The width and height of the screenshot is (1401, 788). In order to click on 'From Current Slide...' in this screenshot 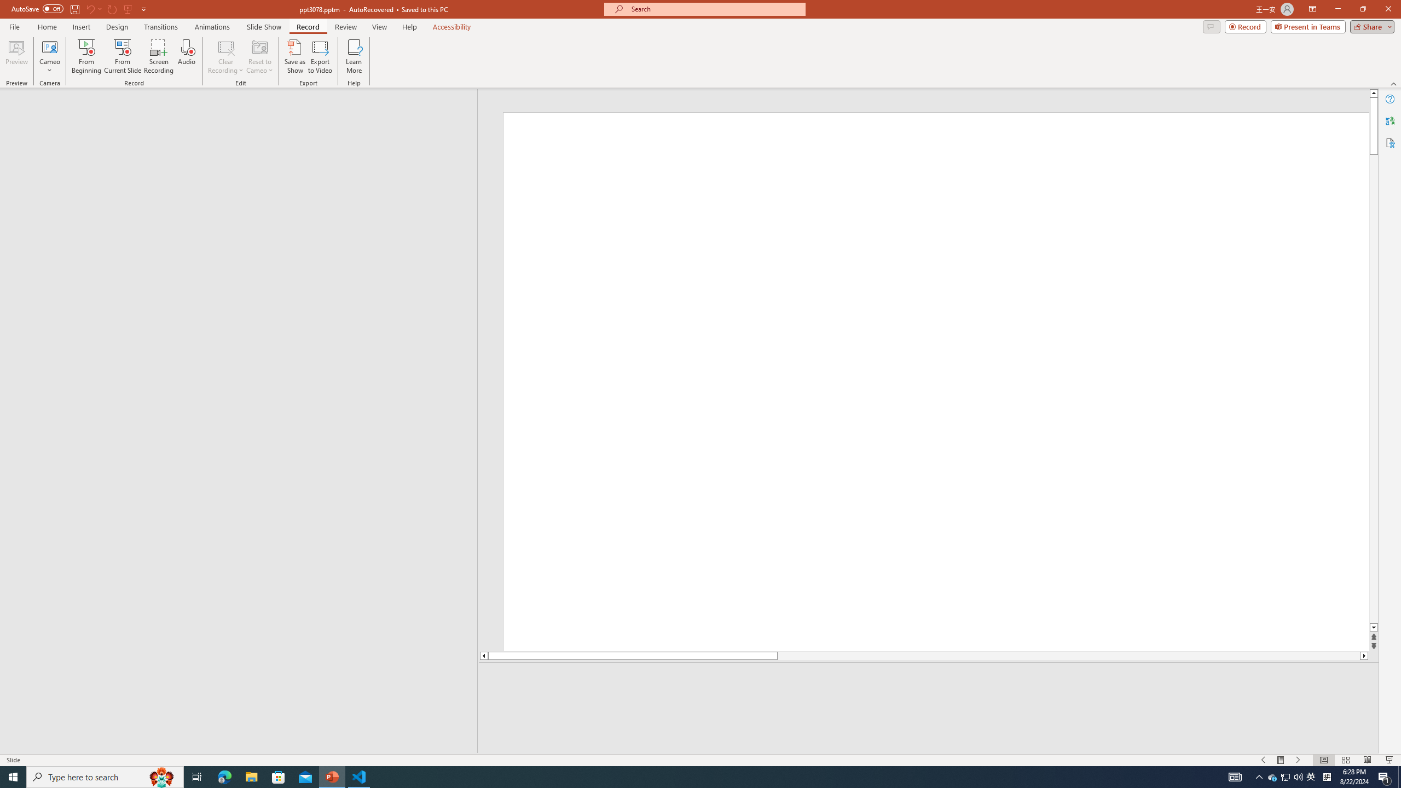, I will do `click(123, 56)`.